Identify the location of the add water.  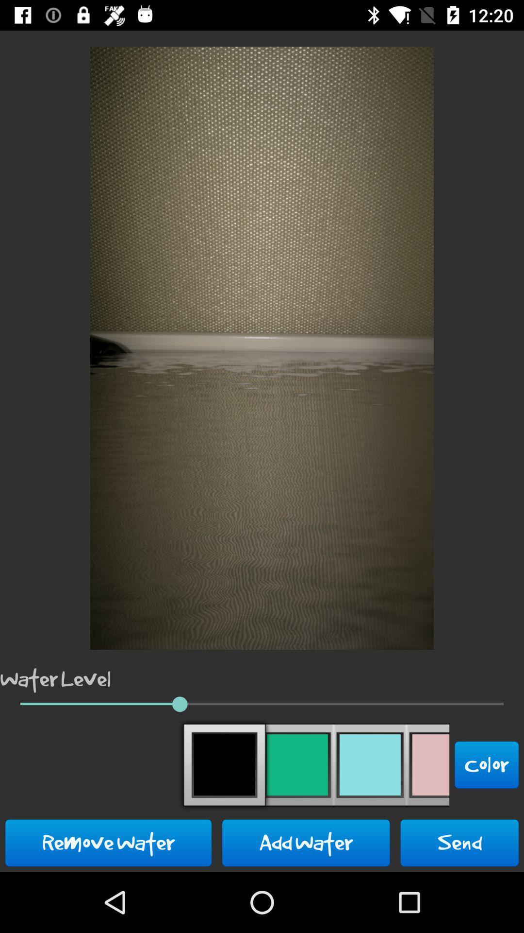
(306, 842).